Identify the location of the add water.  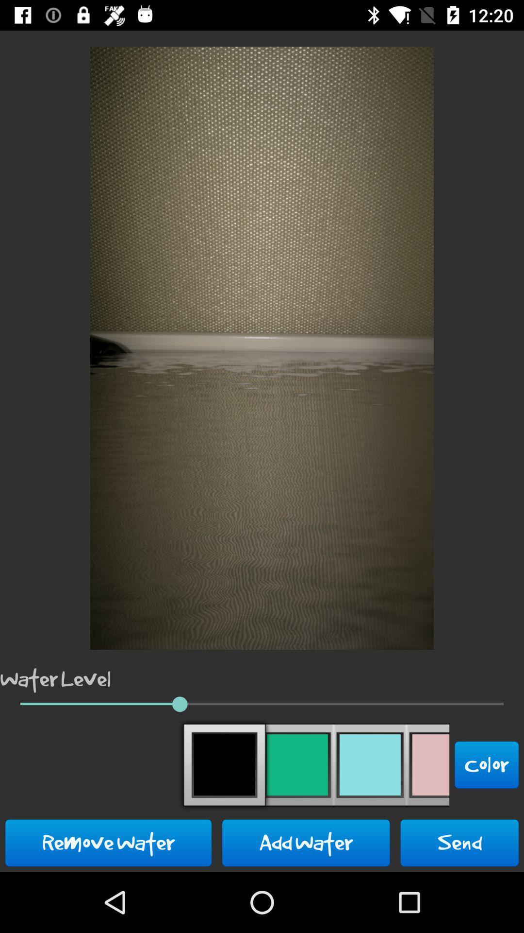
(306, 842).